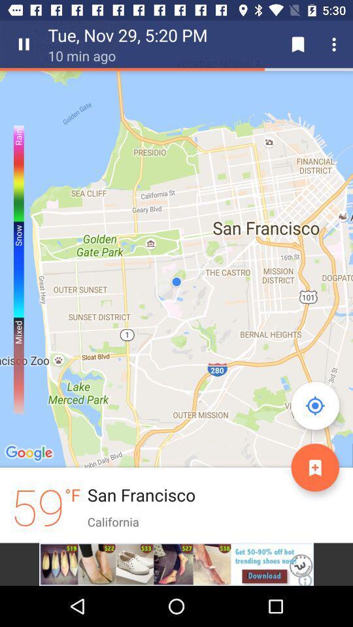 The height and width of the screenshot is (627, 353). I want to click on information, so click(314, 467).